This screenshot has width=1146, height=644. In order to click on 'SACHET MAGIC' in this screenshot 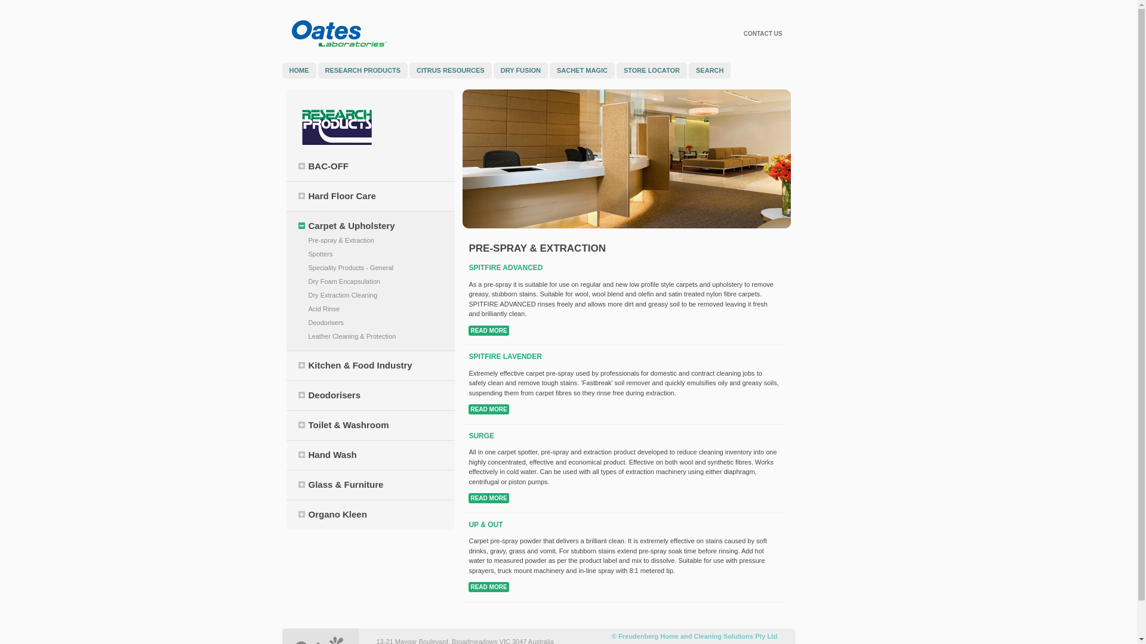, I will do `click(582, 70)`.